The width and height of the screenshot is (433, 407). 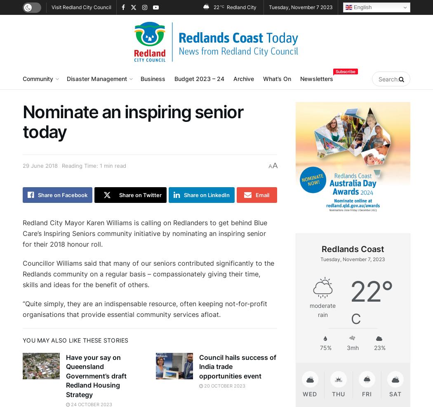 What do you see at coordinates (148, 273) in the screenshot?
I see `'Councillor Williams said that many of our seniors contributed significantly to the Redlands community on a regular basis – compassionately giving their time, skills and ideas for the benefit of others.'` at bounding box center [148, 273].